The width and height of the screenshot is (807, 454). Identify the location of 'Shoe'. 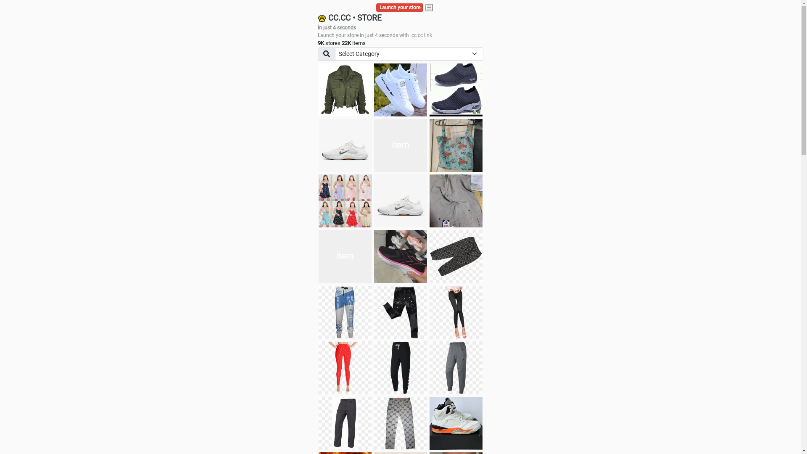
(455, 423).